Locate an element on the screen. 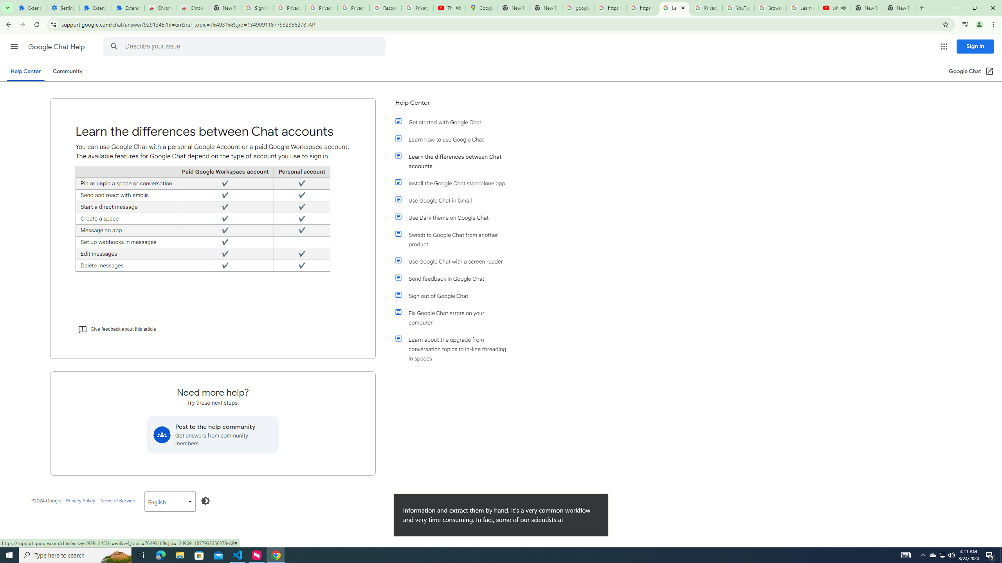 This screenshot has width=1002, height=563. 'https://scholar.google.com/' is located at coordinates (642, 7).